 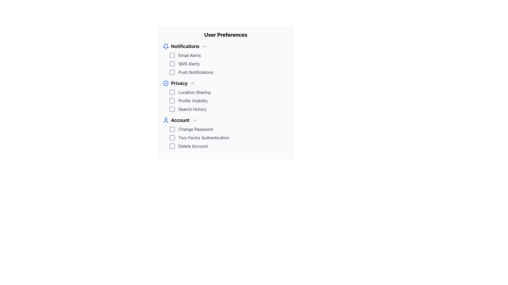 I want to click on the 'User Preferences' label located at the top of the settings card, so click(x=226, y=35).